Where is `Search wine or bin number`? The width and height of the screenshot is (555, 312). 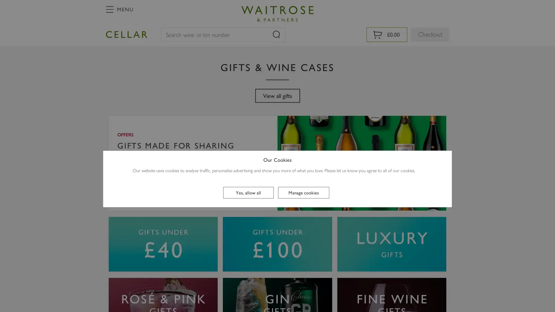 Search wine or bin number is located at coordinates (276, 34).